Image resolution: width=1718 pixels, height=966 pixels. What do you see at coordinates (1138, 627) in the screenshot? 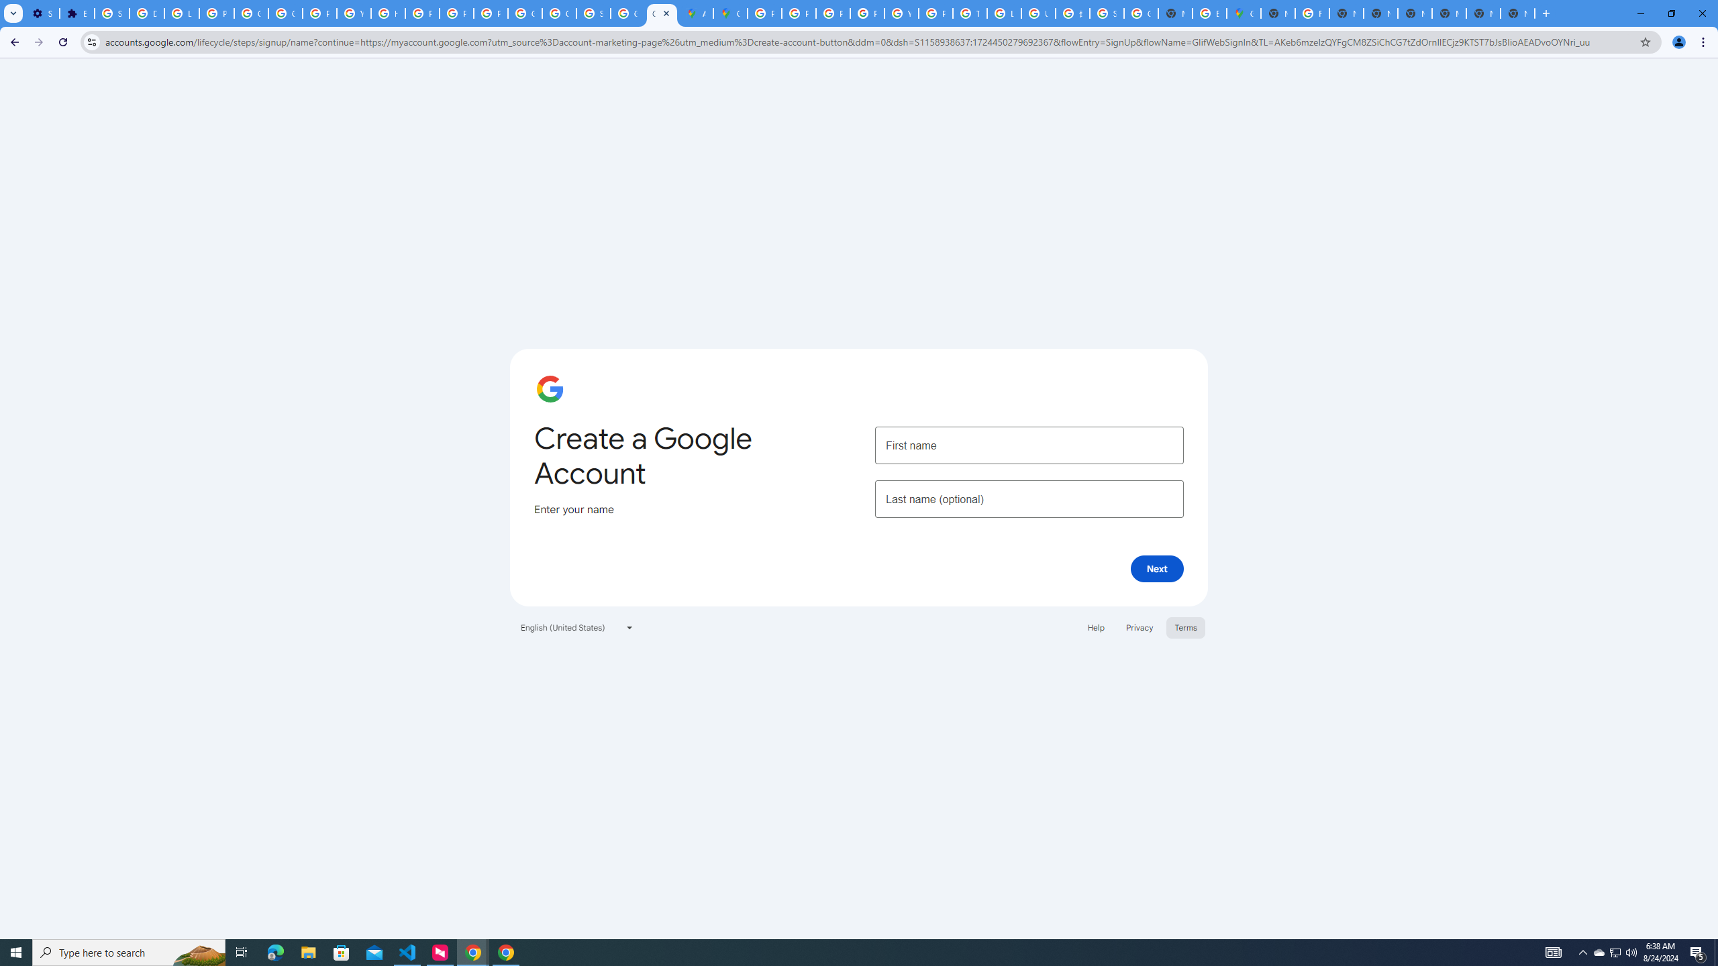
I see `'Privacy'` at bounding box center [1138, 627].